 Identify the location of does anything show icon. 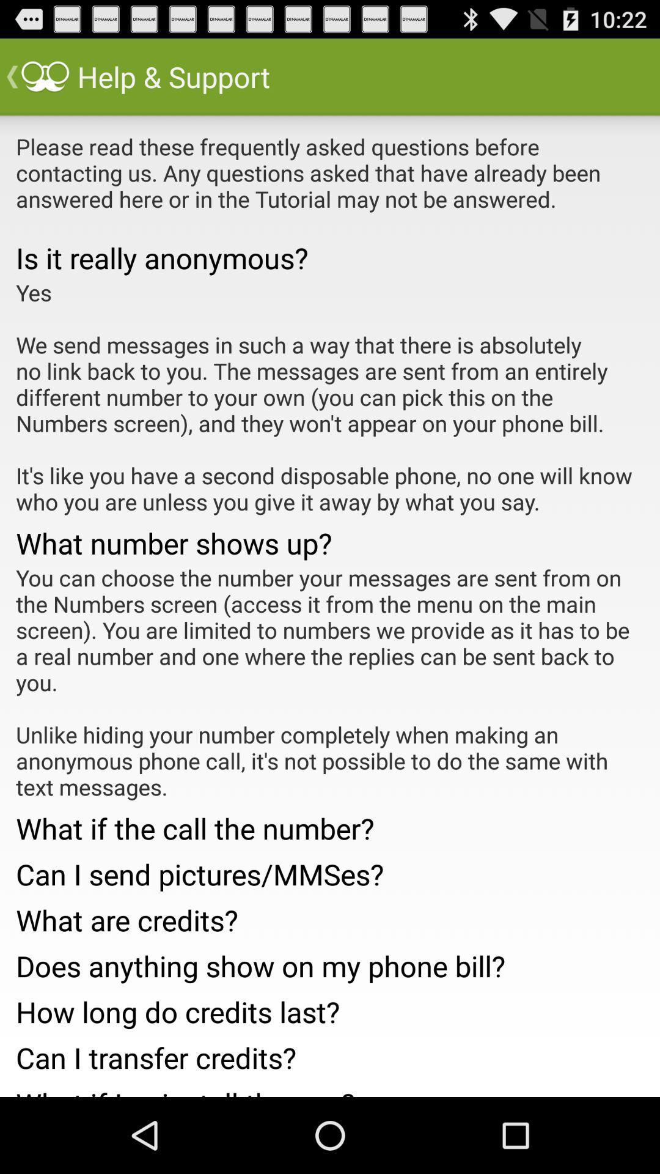
(330, 962).